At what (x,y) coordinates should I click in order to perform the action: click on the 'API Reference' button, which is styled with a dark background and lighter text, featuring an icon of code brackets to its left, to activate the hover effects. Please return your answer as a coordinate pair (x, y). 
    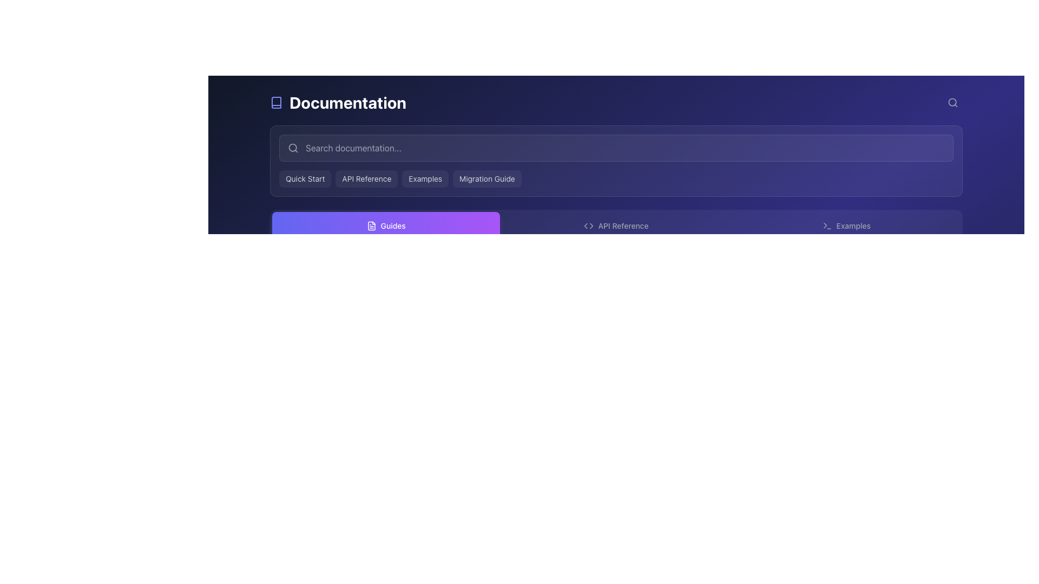
    Looking at the image, I should click on (616, 225).